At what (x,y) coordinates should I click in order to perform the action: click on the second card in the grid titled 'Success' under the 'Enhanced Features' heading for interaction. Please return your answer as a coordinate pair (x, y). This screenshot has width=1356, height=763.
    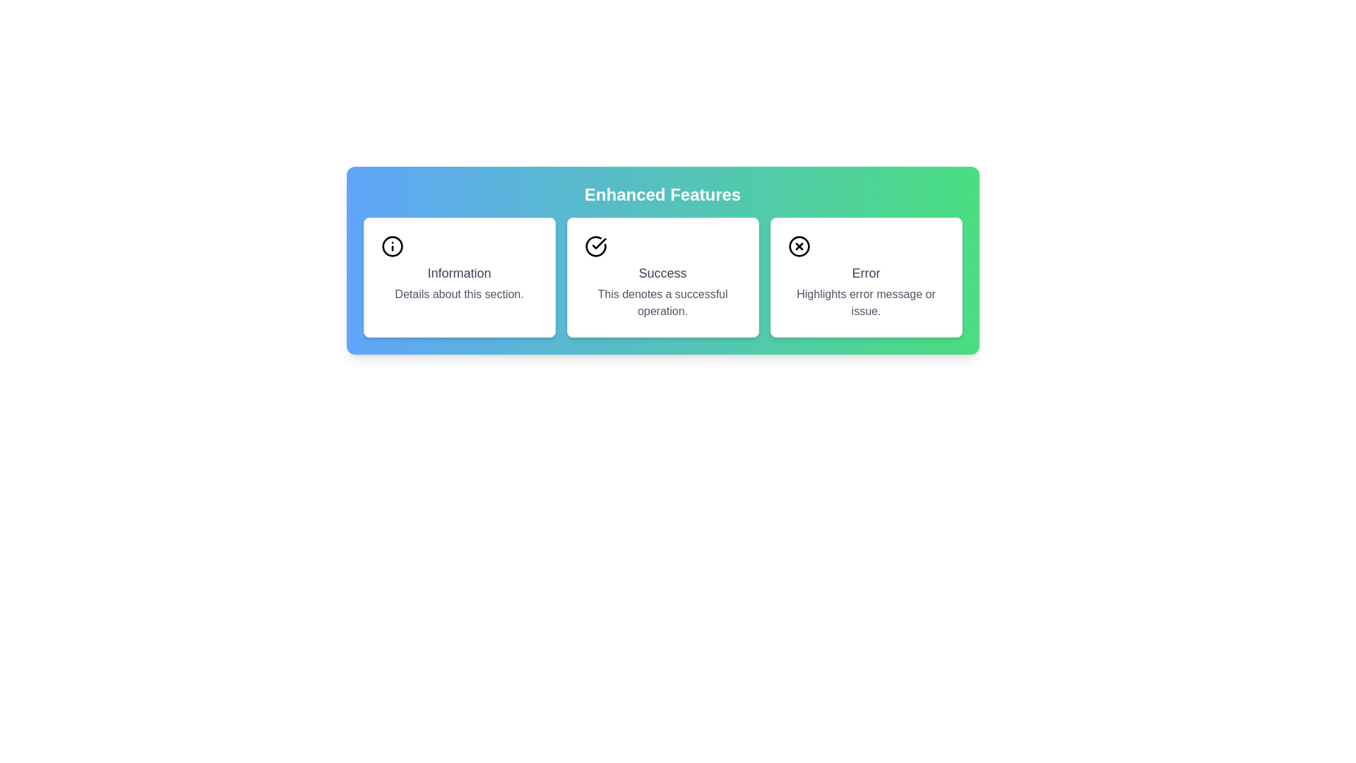
    Looking at the image, I should click on (662, 278).